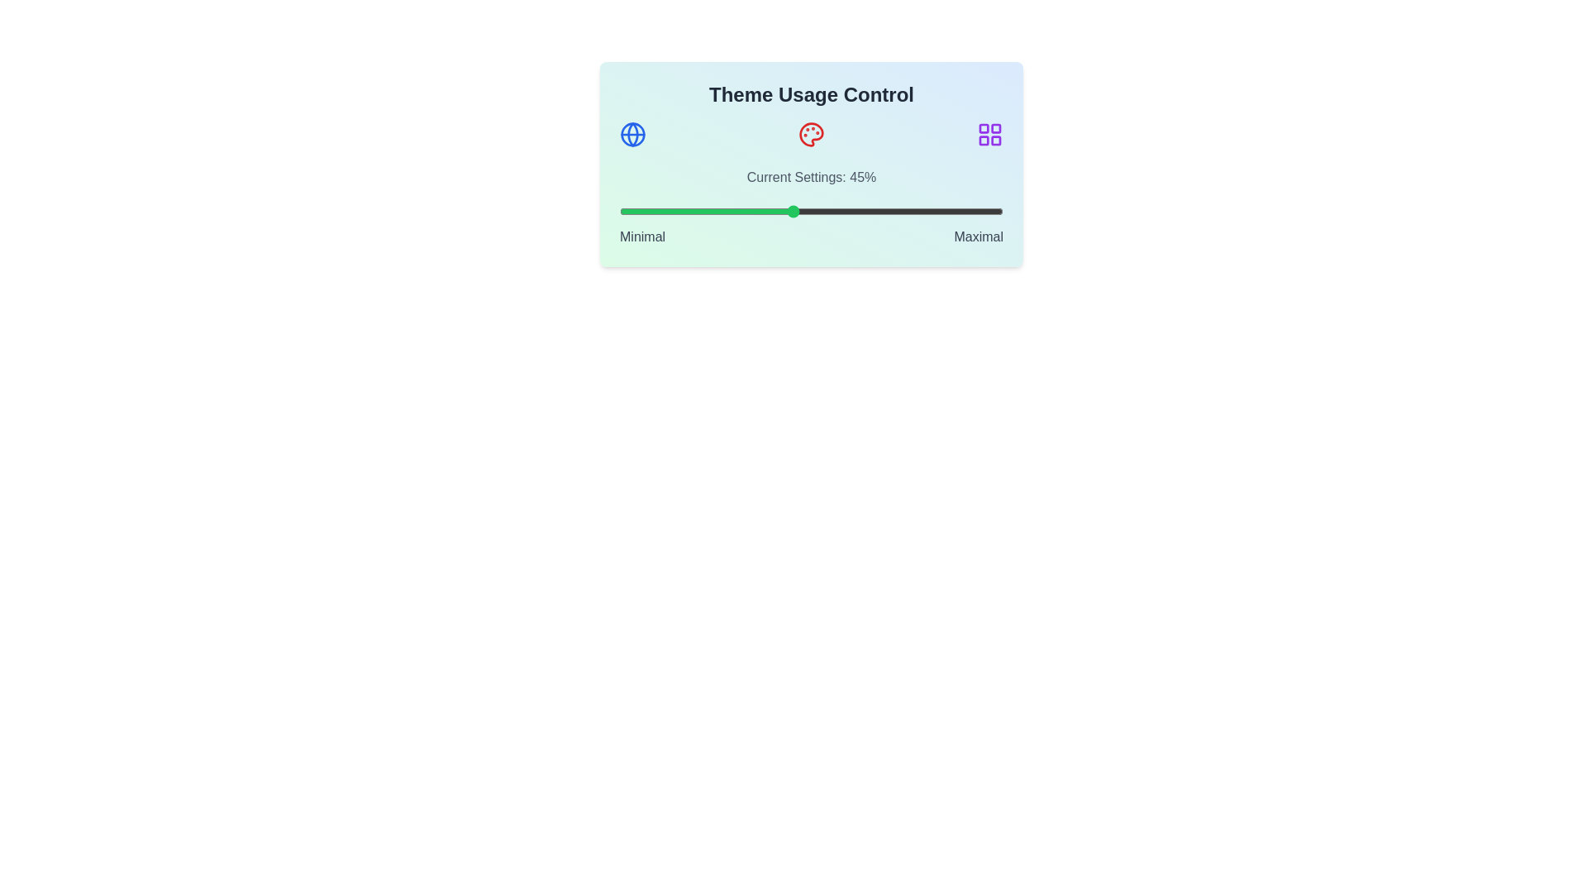 This screenshot has width=1587, height=893. I want to click on the slider to set the theme usage percentage to 77, so click(914, 210).